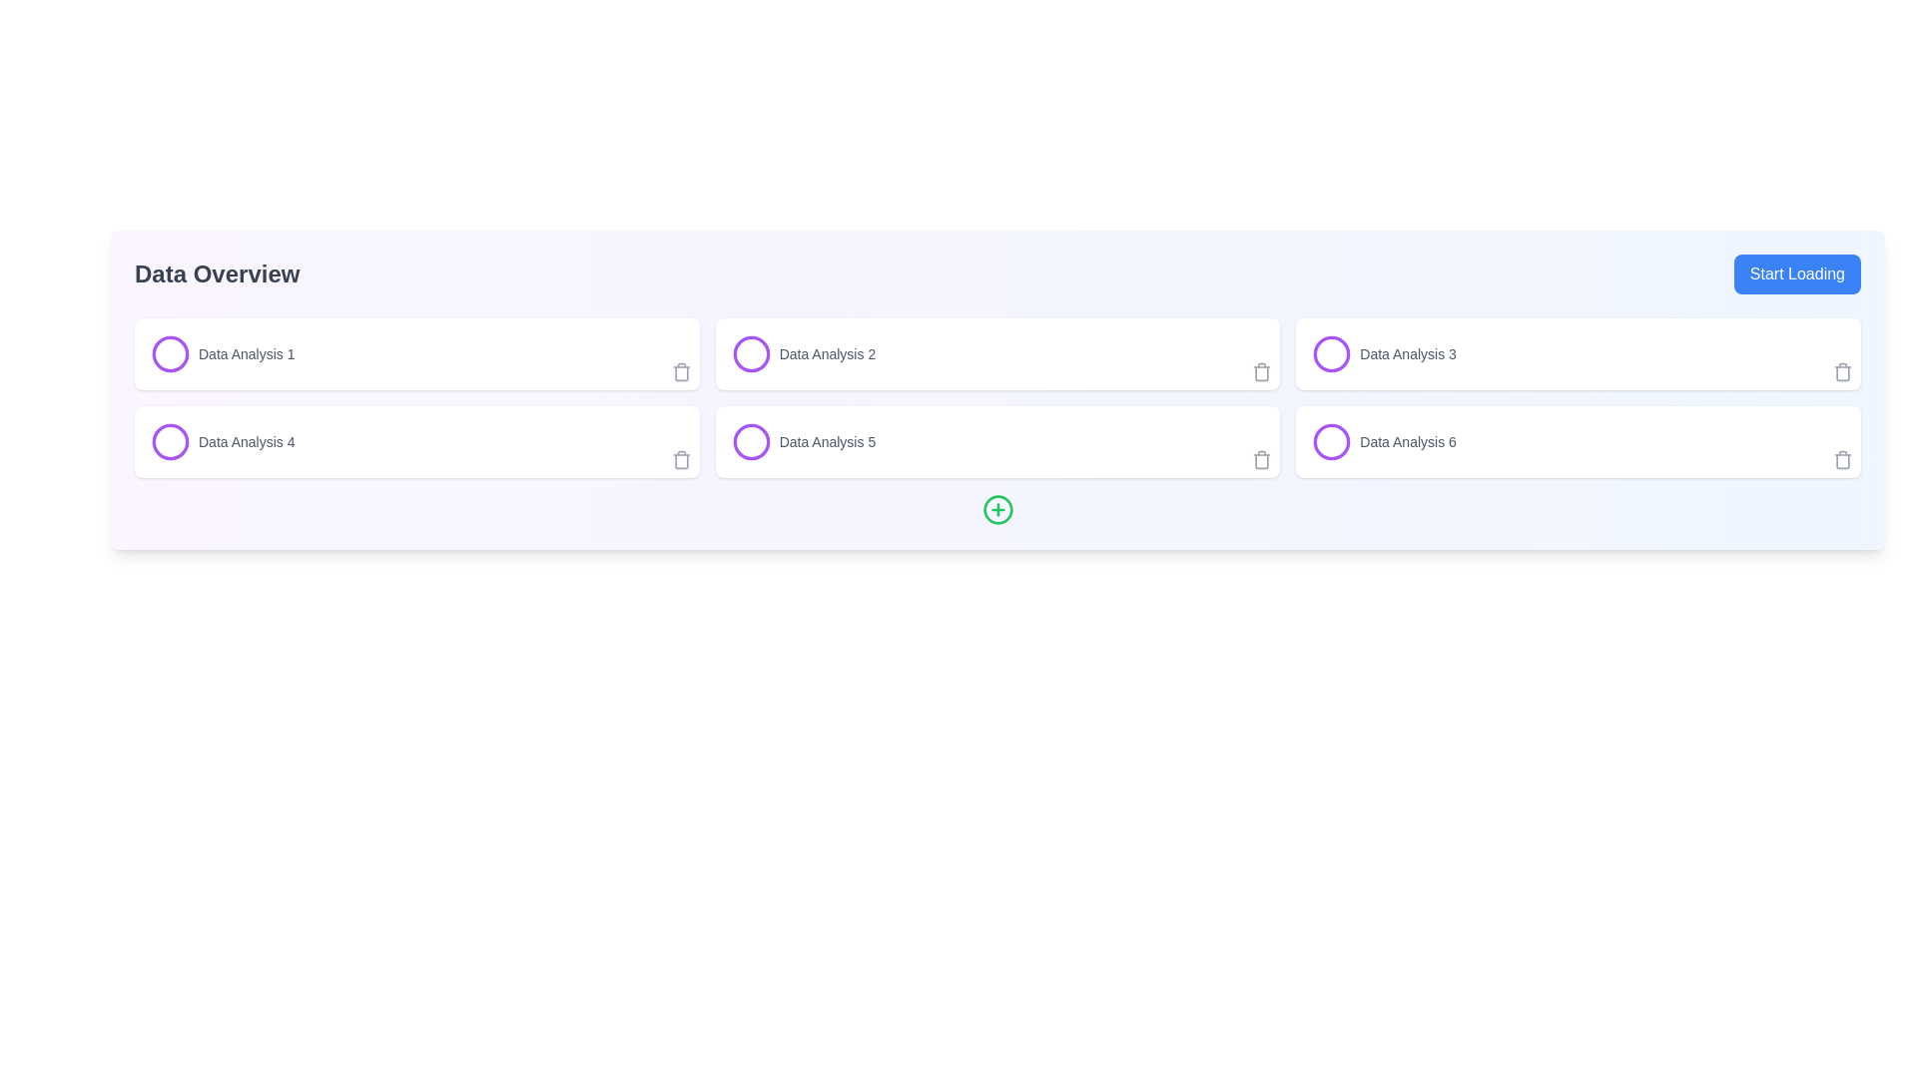 The image size is (1917, 1078). What do you see at coordinates (803, 352) in the screenshot?
I see `the 'Data Analysis 2' element, which has a purple circular icon and is located in the upper row of a two-row grid` at bounding box center [803, 352].